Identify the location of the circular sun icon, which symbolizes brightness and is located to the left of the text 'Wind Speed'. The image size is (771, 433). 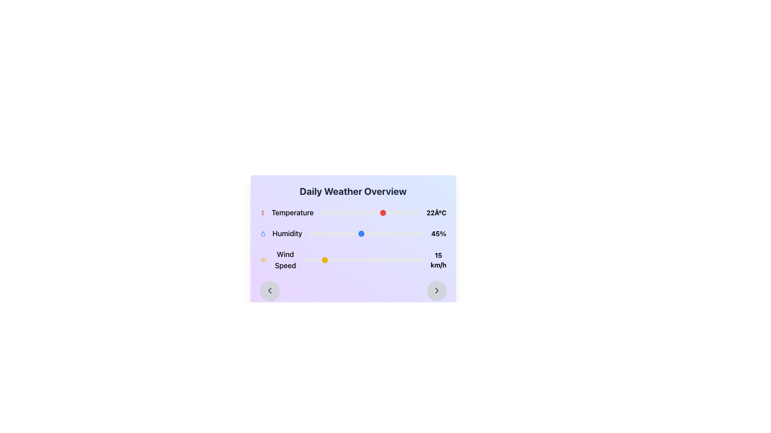
(263, 260).